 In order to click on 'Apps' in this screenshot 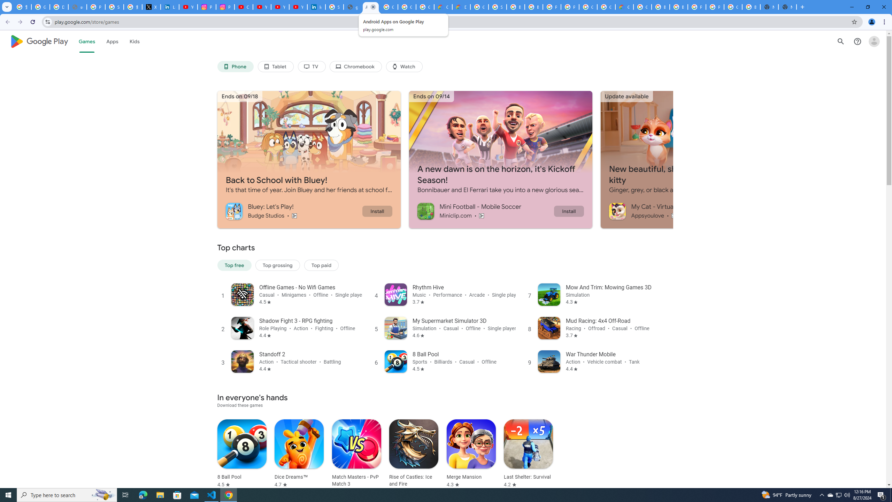, I will do `click(112, 41)`.